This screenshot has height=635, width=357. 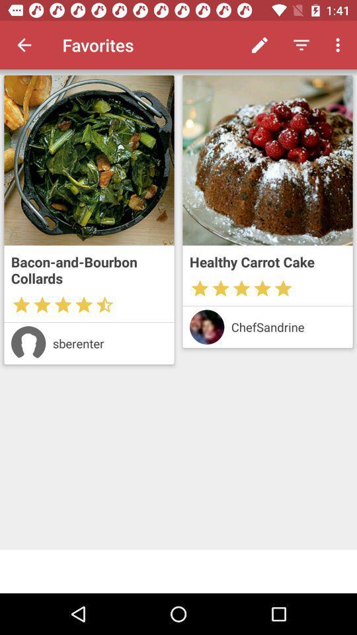 What do you see at coordinates (24, 45) in the screenshot?
I see `the item next to the favorites icon` at bounding box center [24, 45].